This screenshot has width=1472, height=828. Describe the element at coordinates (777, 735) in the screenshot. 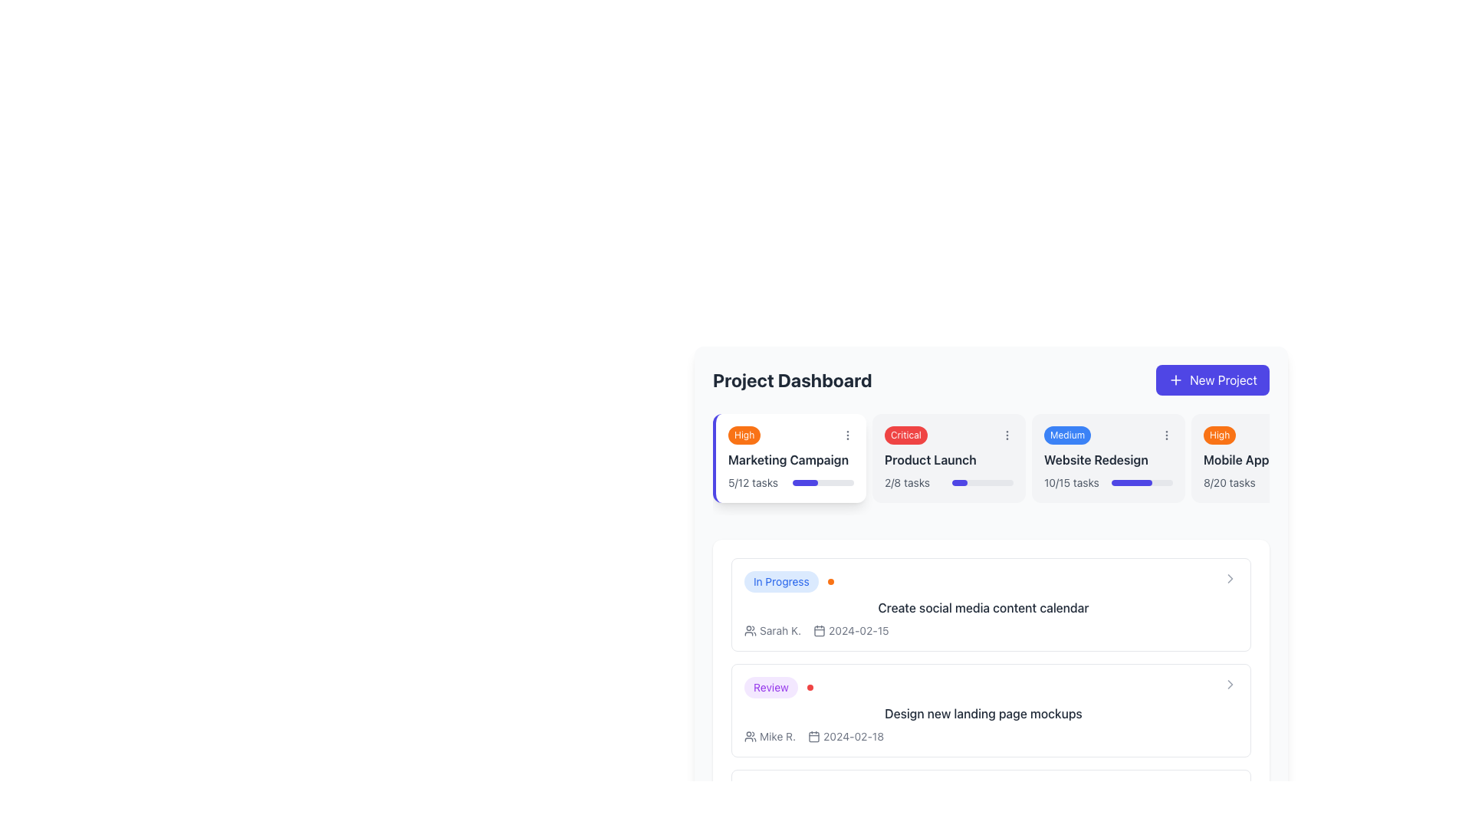

I see `the text label displaying the name 'Mike R.' that is located near the bottom section of a list item in the project dashboard under the 'Review' status` at that location.